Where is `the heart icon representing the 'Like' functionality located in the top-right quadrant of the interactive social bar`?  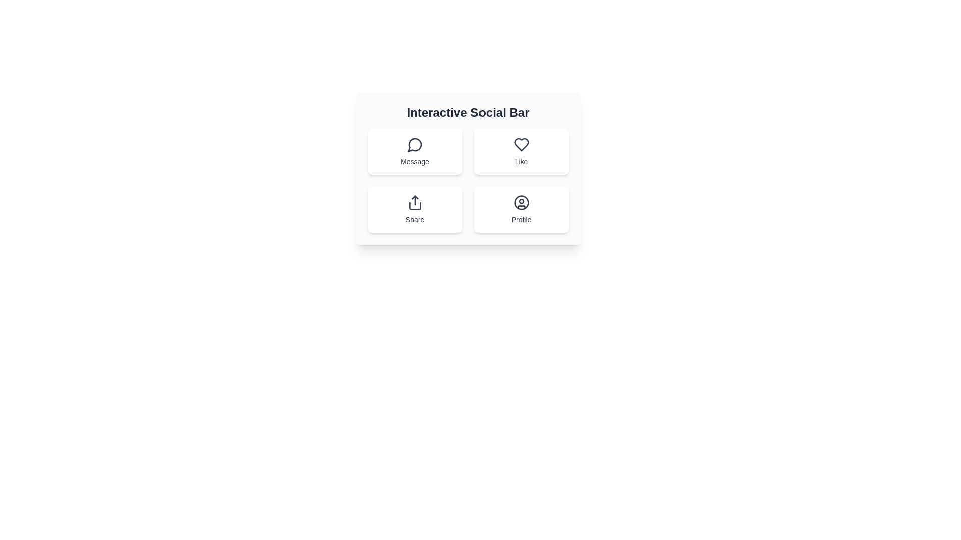
the heart icon representing the 'Like' functionality located in the top-right quadrant of the interactive social bar is located at coordinates (521, 144).